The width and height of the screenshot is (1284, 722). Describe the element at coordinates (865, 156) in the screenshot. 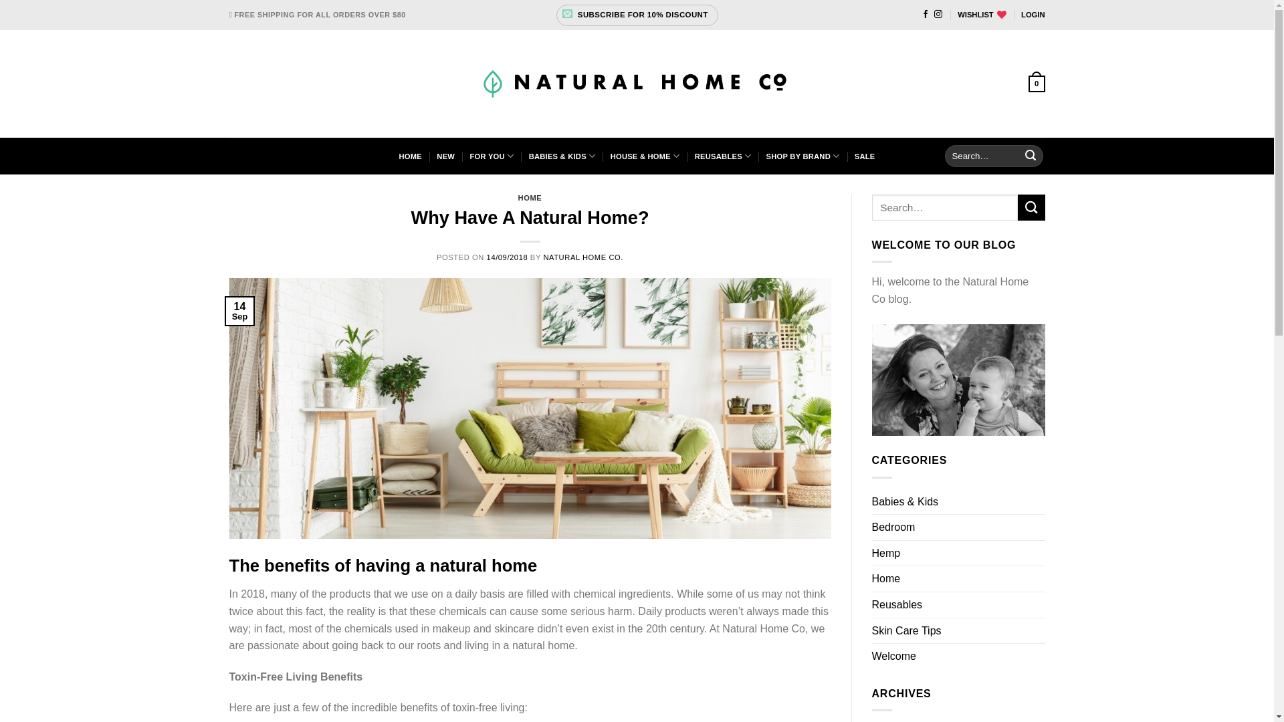

I see `'SALE'` at that location.